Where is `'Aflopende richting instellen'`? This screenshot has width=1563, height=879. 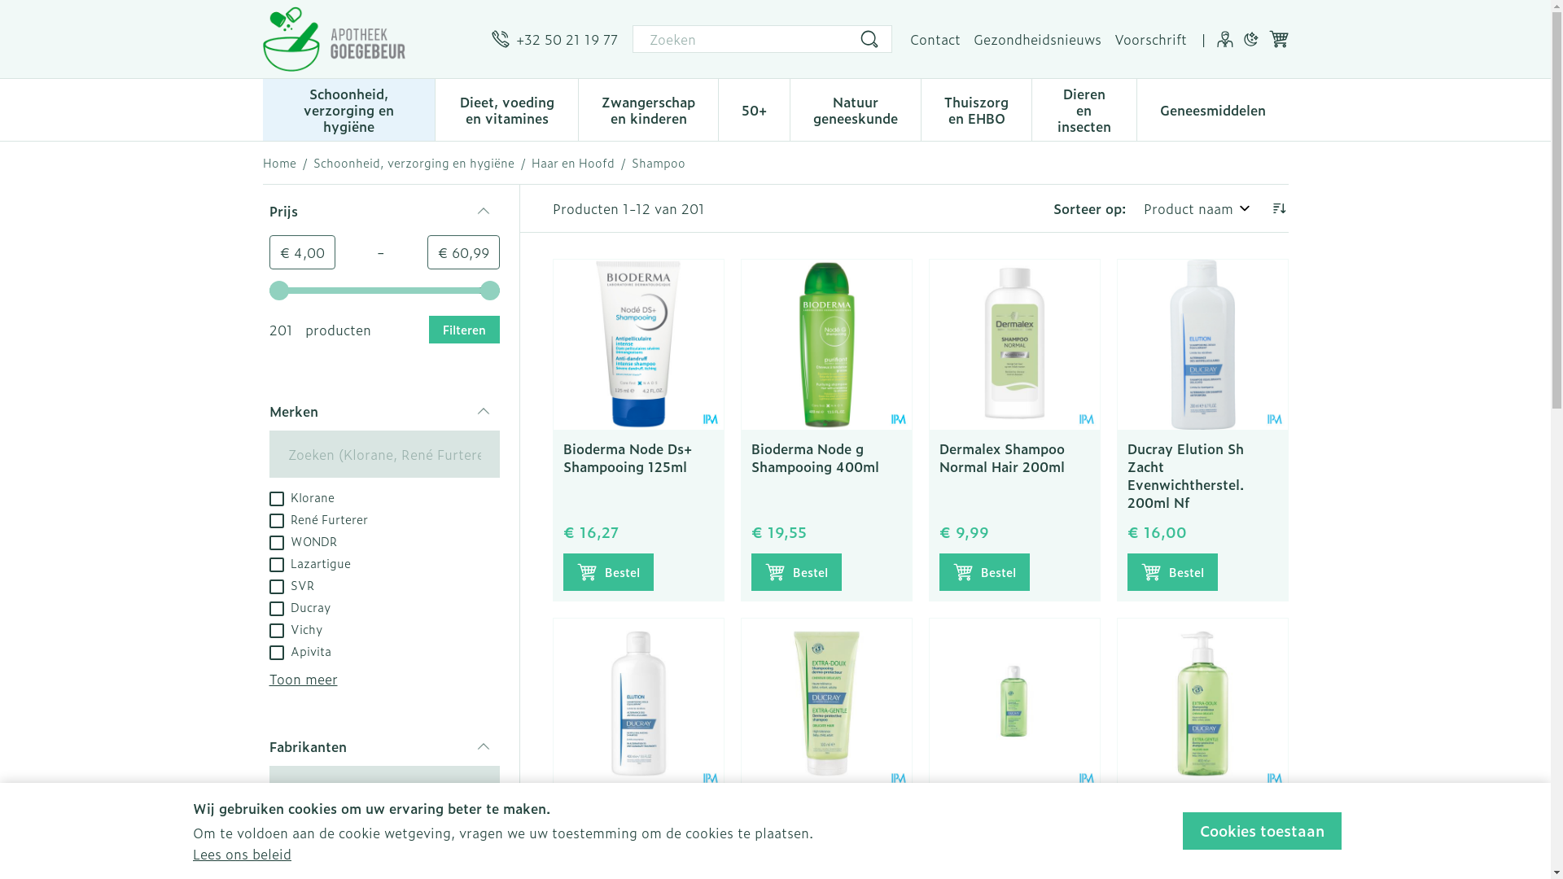 'Aflopende richting instellen' is located at coordinates (1267, 207).